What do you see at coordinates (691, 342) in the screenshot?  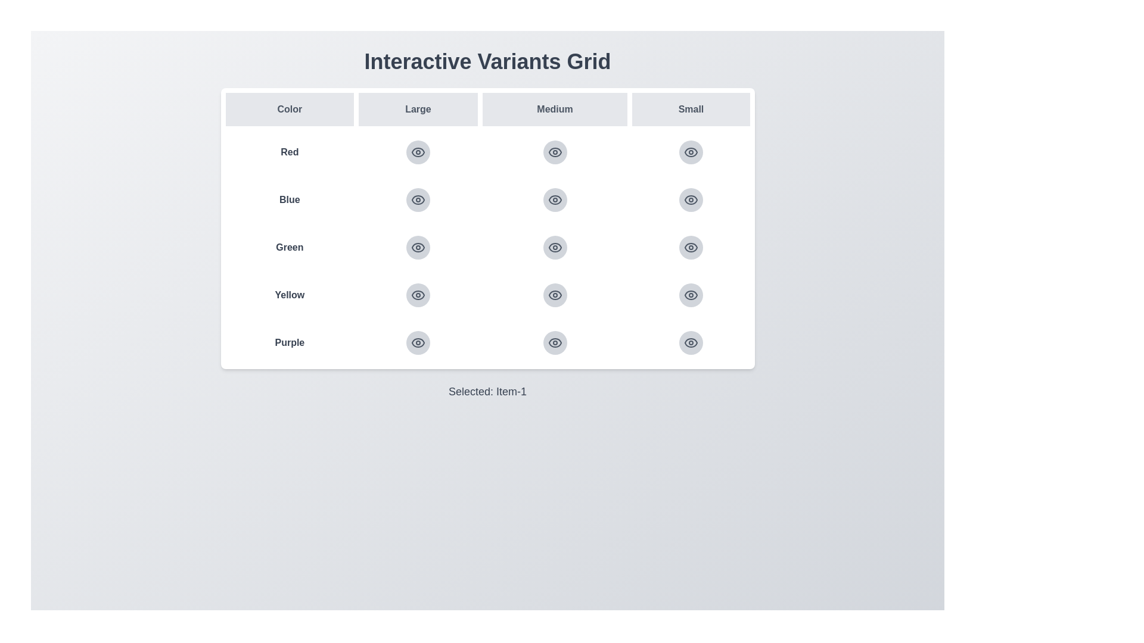 I see `the visibility icon, which is an eye-shaped SVG element with a dark gray outline and a centered gray iris, located in the bottom-right corner of the grid under the 'Purple' row and 'Small' column` at bounding box center [691, 342].